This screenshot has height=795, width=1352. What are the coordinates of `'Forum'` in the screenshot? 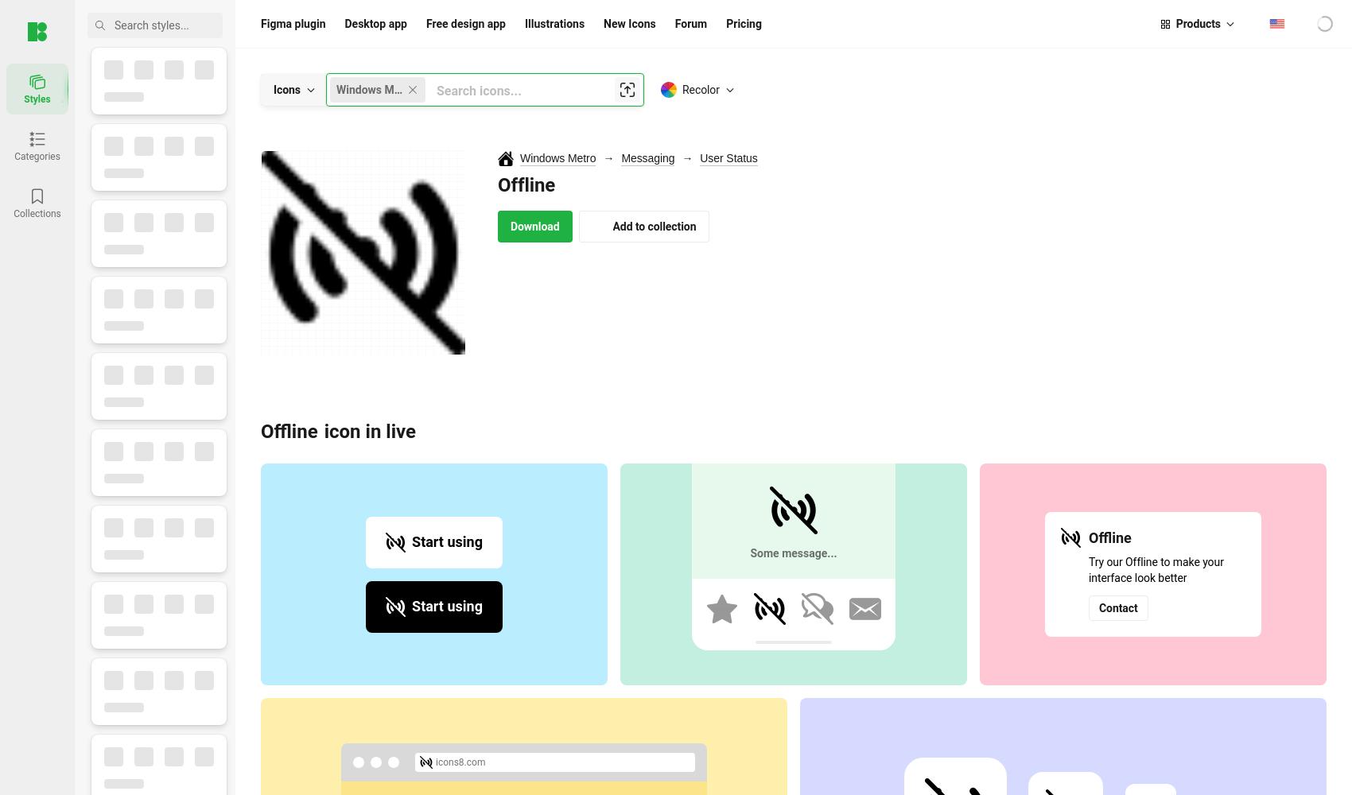 It's located at (690, 24).